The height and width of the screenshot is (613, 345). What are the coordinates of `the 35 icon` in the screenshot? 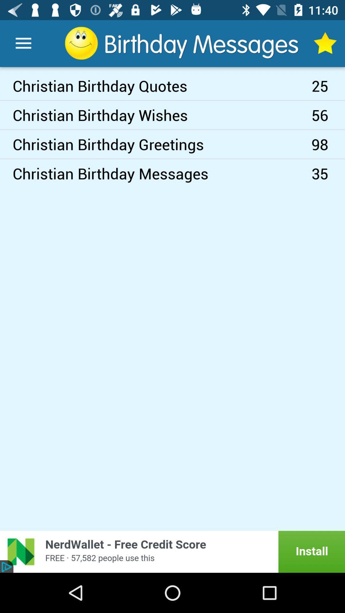 It's located at (328, 173).